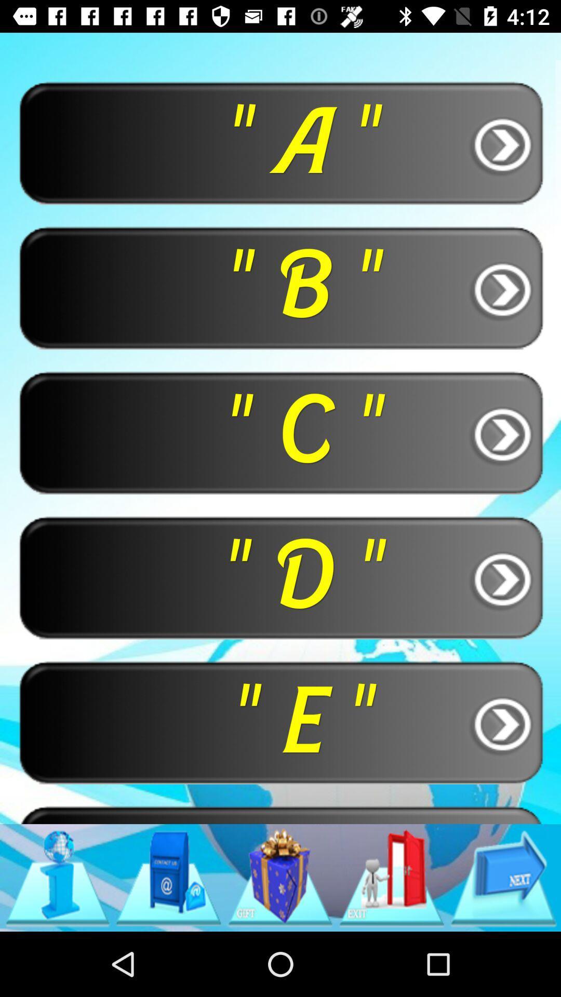  I want to click on the gift icon, so click(279, 877).